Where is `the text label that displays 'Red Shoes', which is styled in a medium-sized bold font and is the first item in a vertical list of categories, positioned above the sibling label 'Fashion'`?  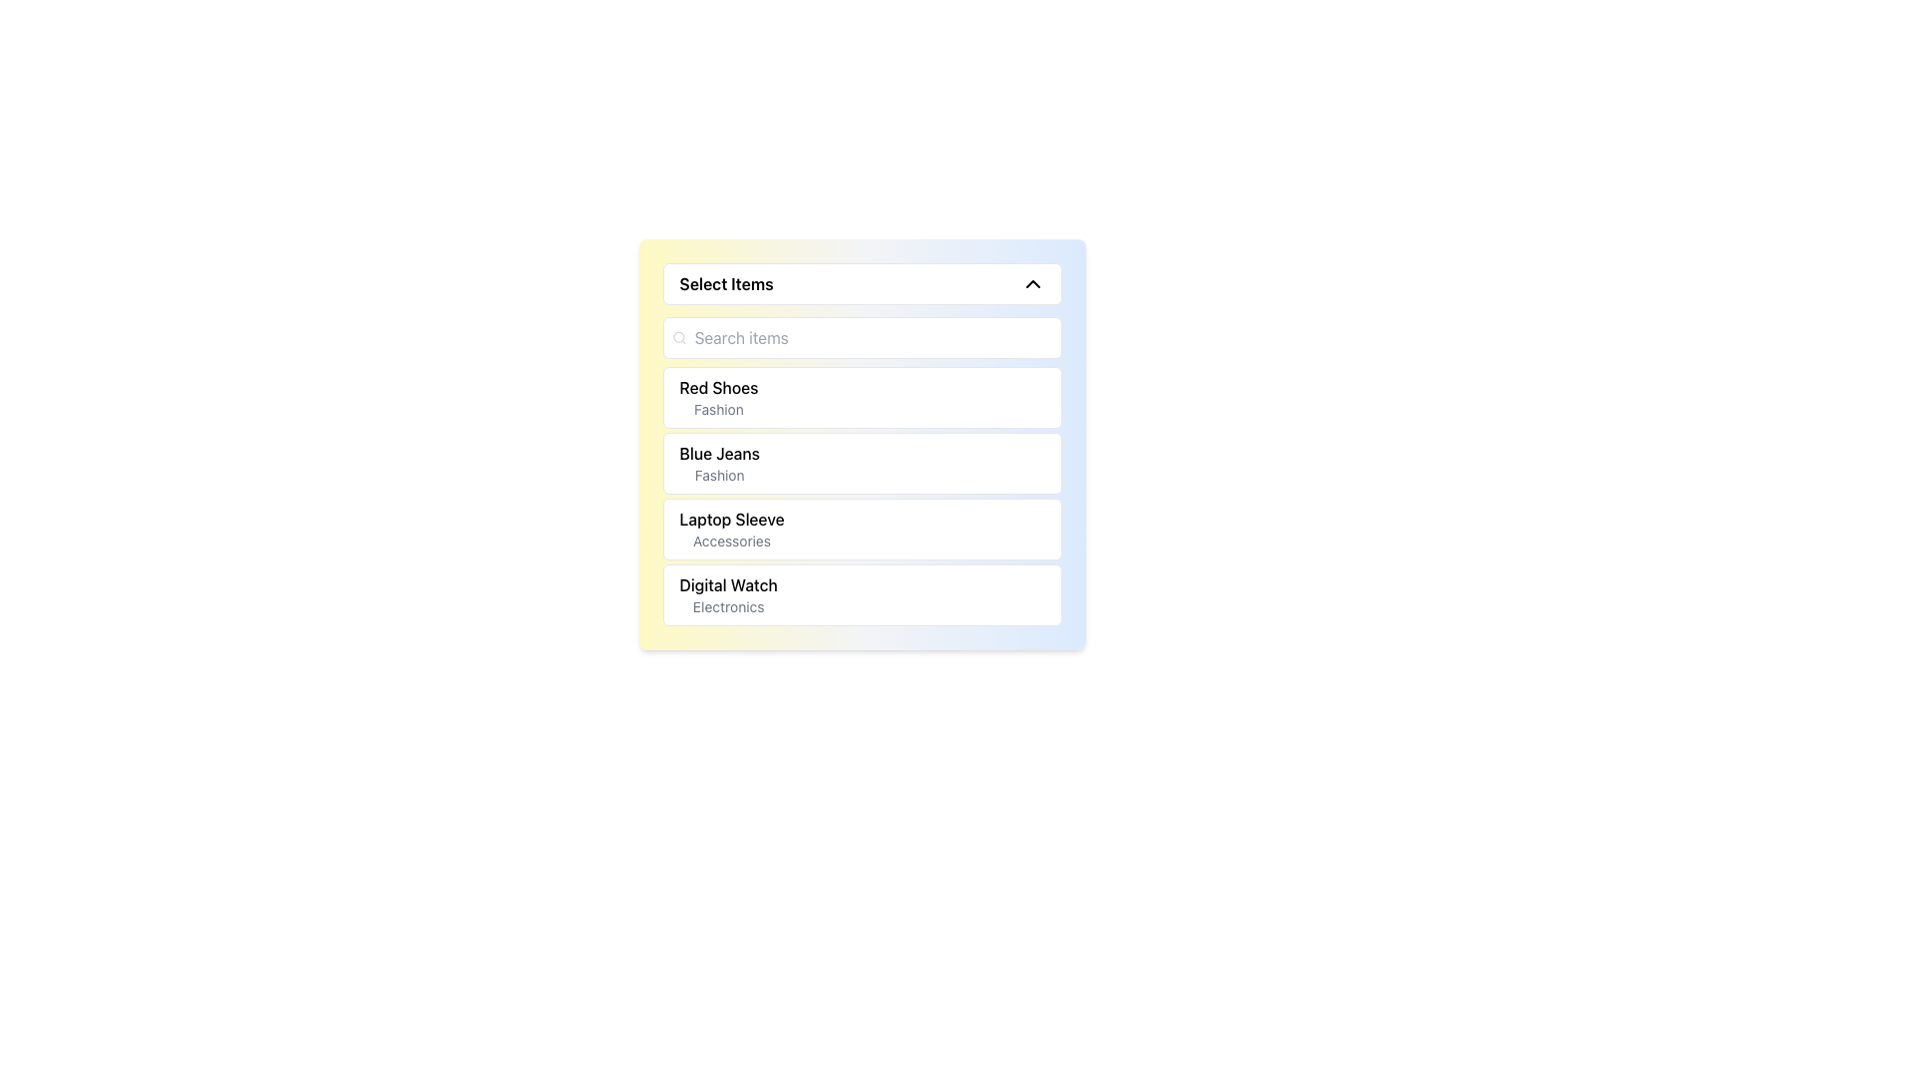 the text label that displays 'Red Shoes', which is styled in a medium-sized bold font and is the first item in a vertical list of categories, positioned above the sibling label 'Fashion' is located at coordinates (718, 388).